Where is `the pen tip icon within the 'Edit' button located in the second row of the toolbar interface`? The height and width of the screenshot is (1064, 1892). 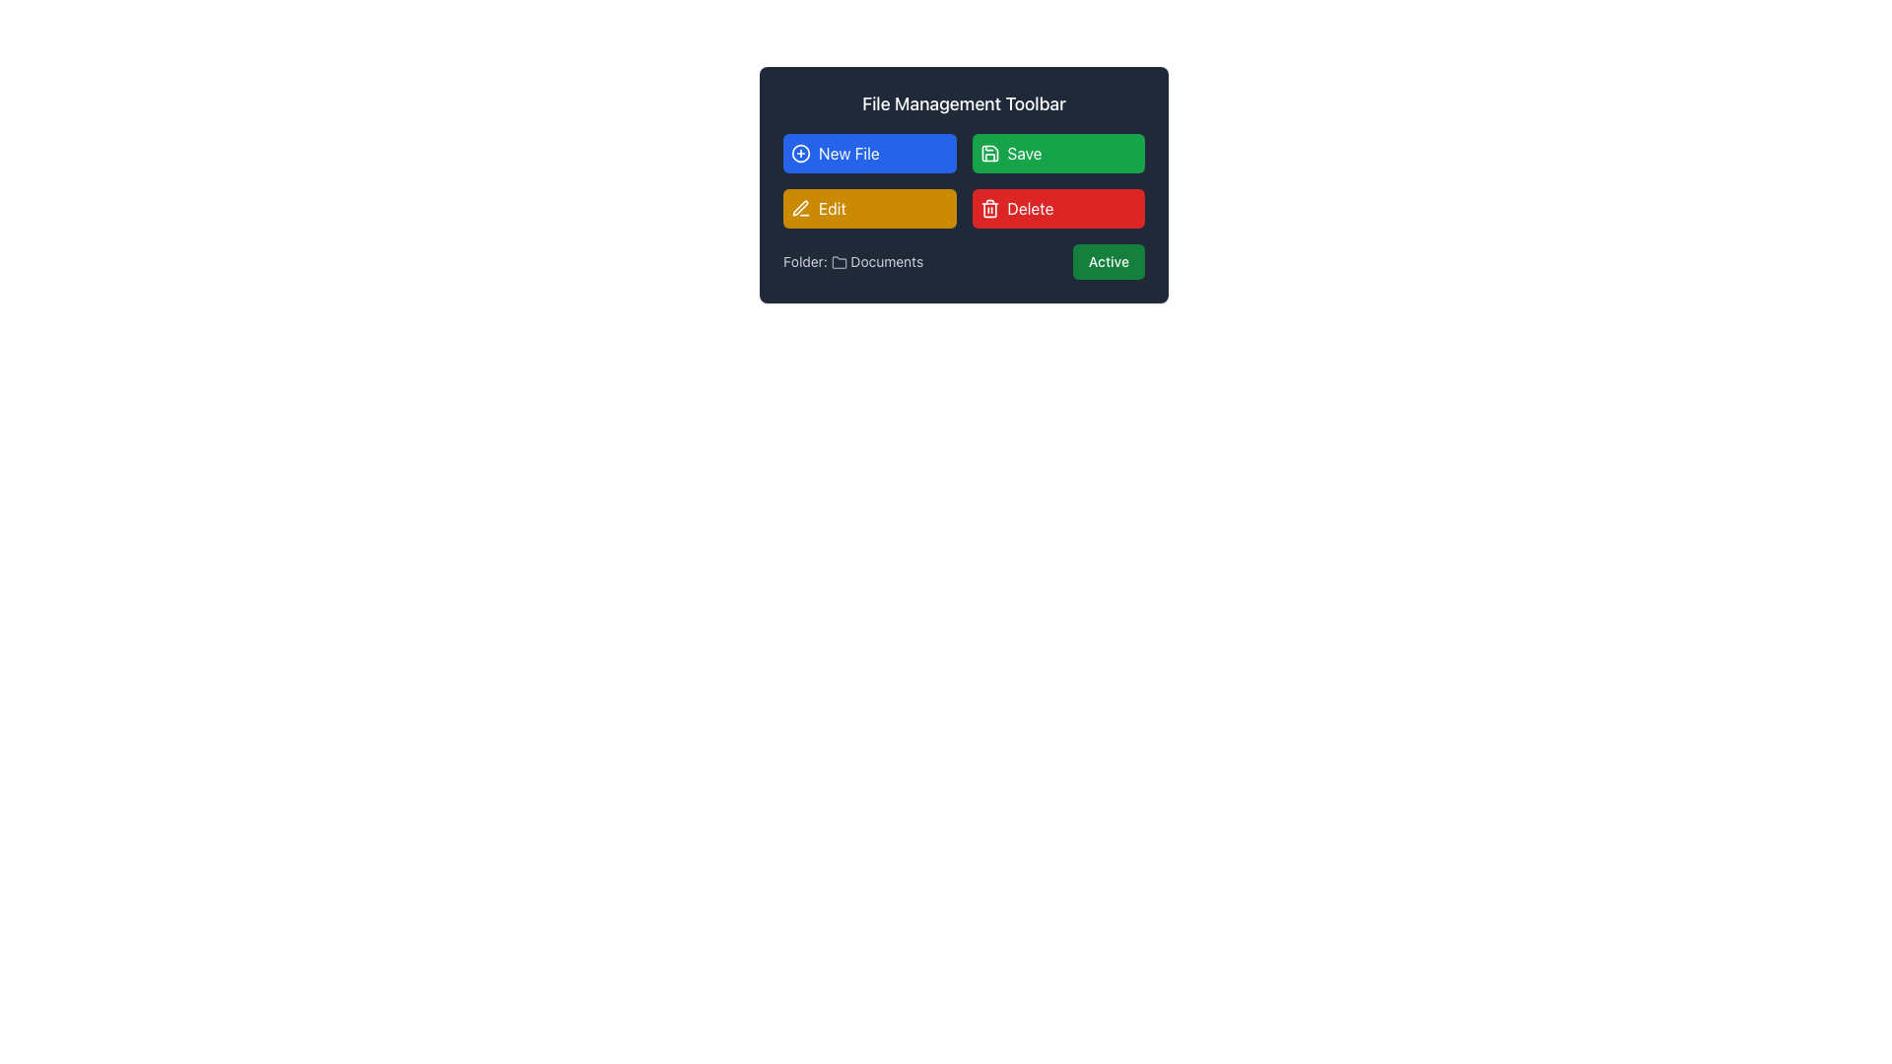 the pen tip icon within the 'Edit' button located in the second row of the toolbar interface is located at coordinates (800, 208).